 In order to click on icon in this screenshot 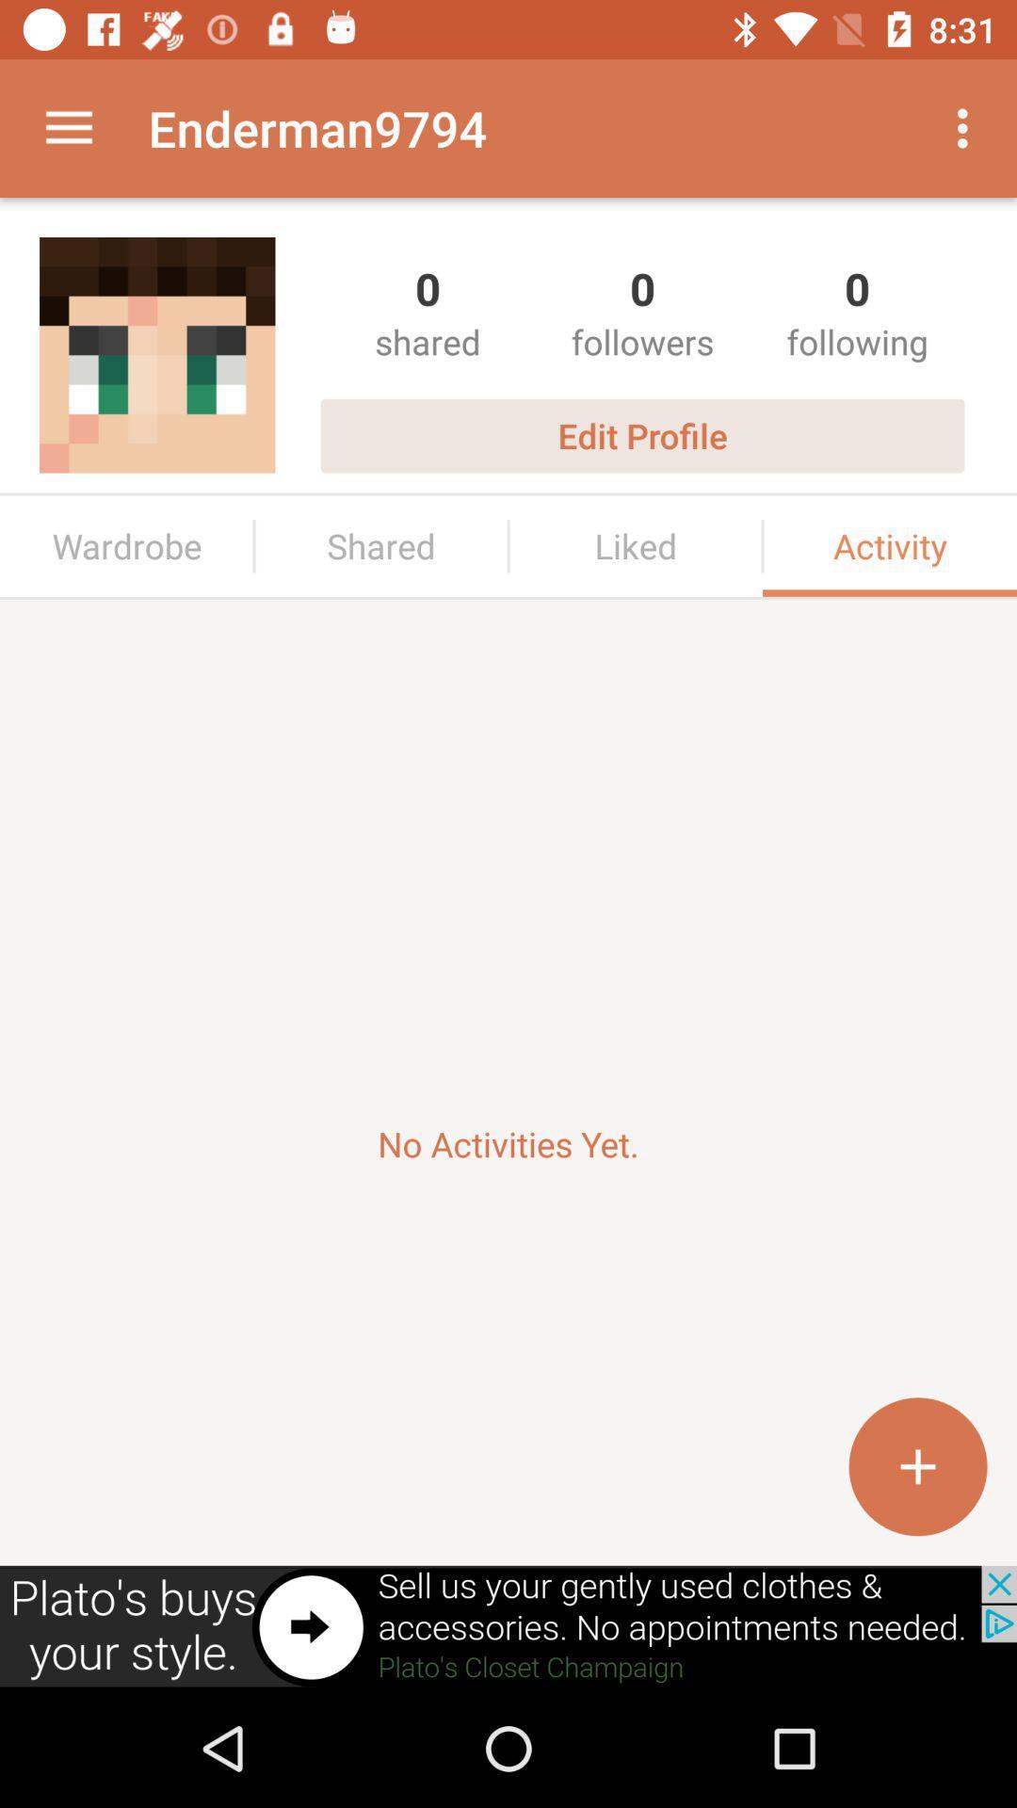, I will do `click(917, 1465)`.